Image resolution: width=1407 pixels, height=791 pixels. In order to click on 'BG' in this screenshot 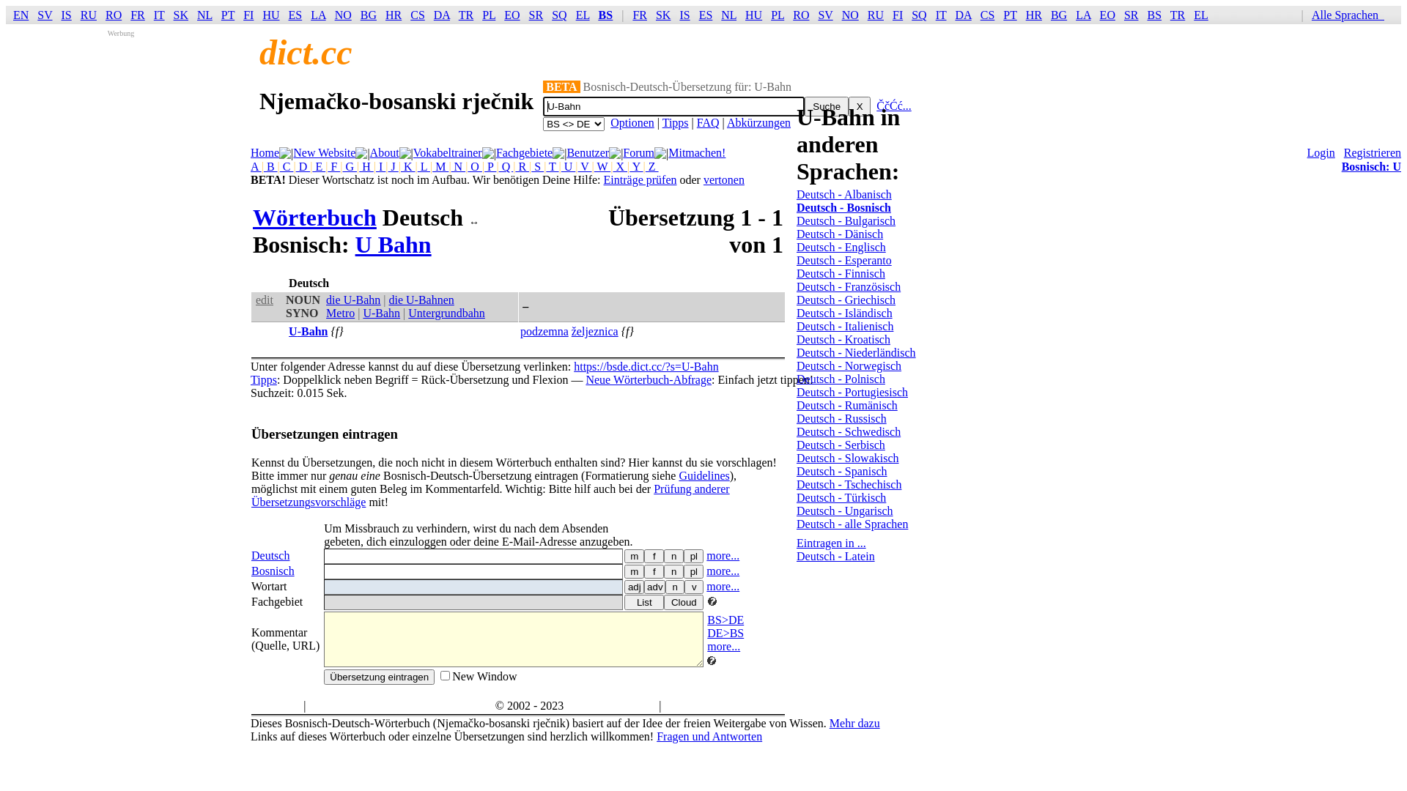, I will do `click(360, 15)`.